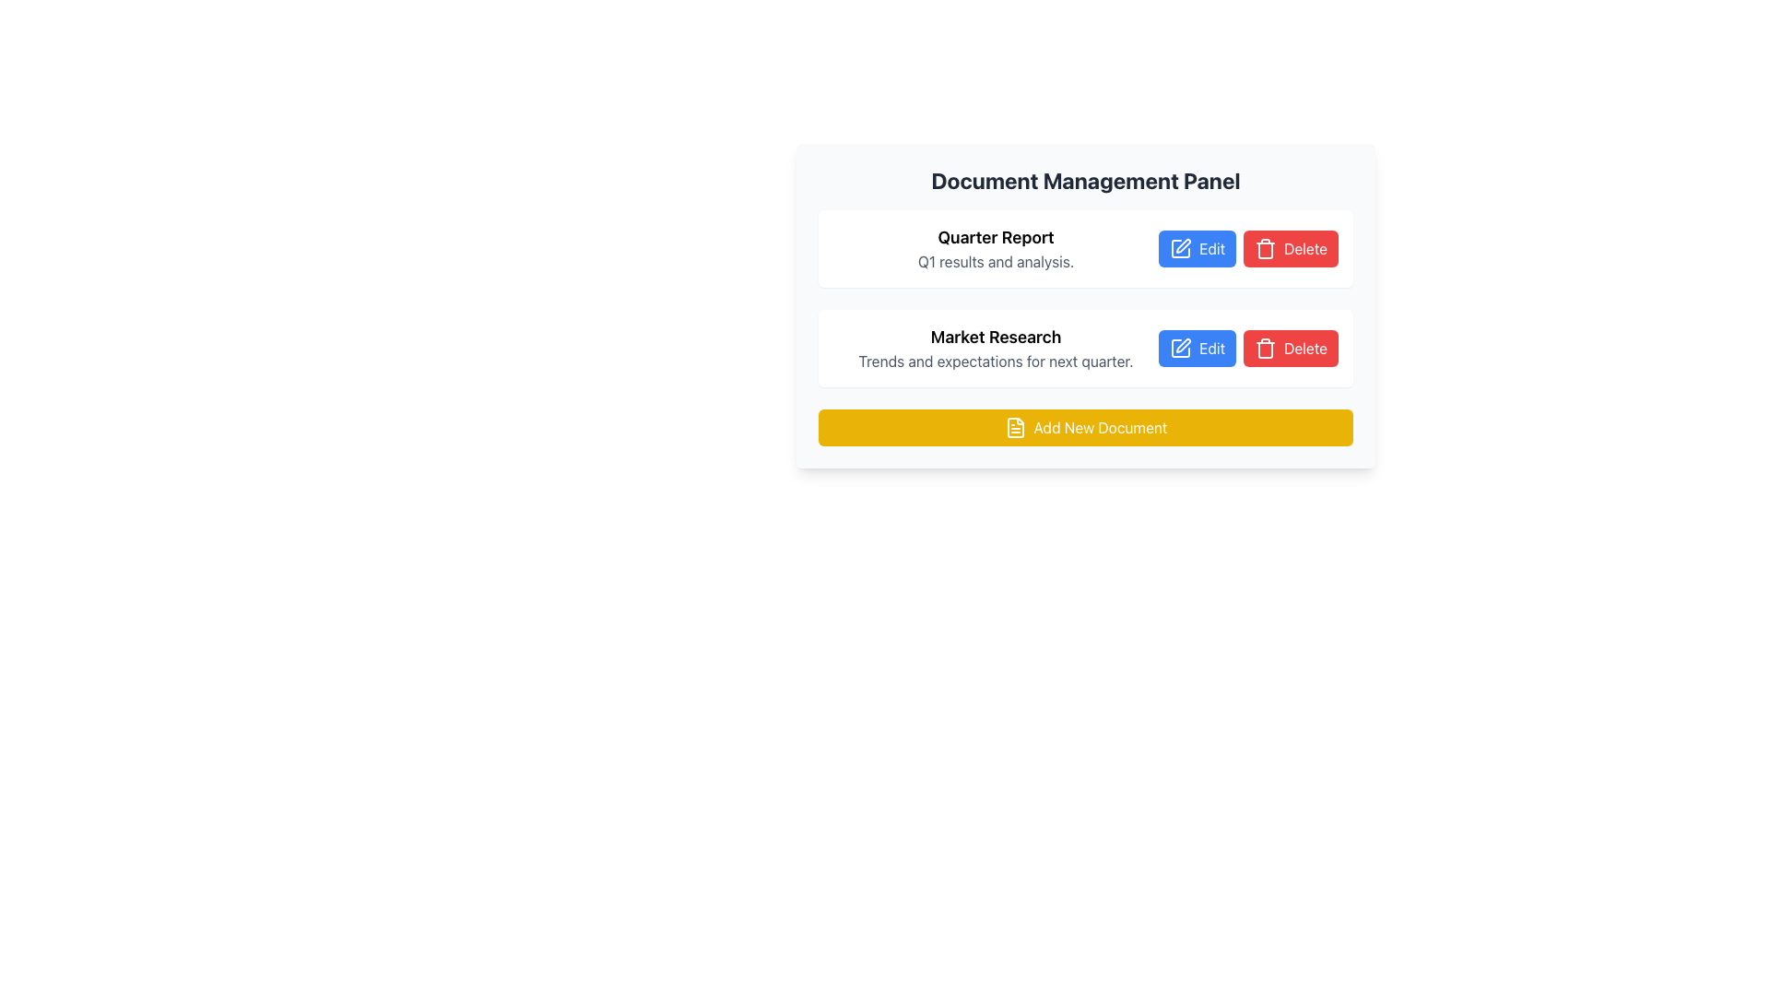 The width and height of the screenshot is (1770, 996). Describe the element at coordinates (1198, 349) in the screenshot. I see `the edit button associated with the 'Market Research' row to initiate the edit action` at that location.